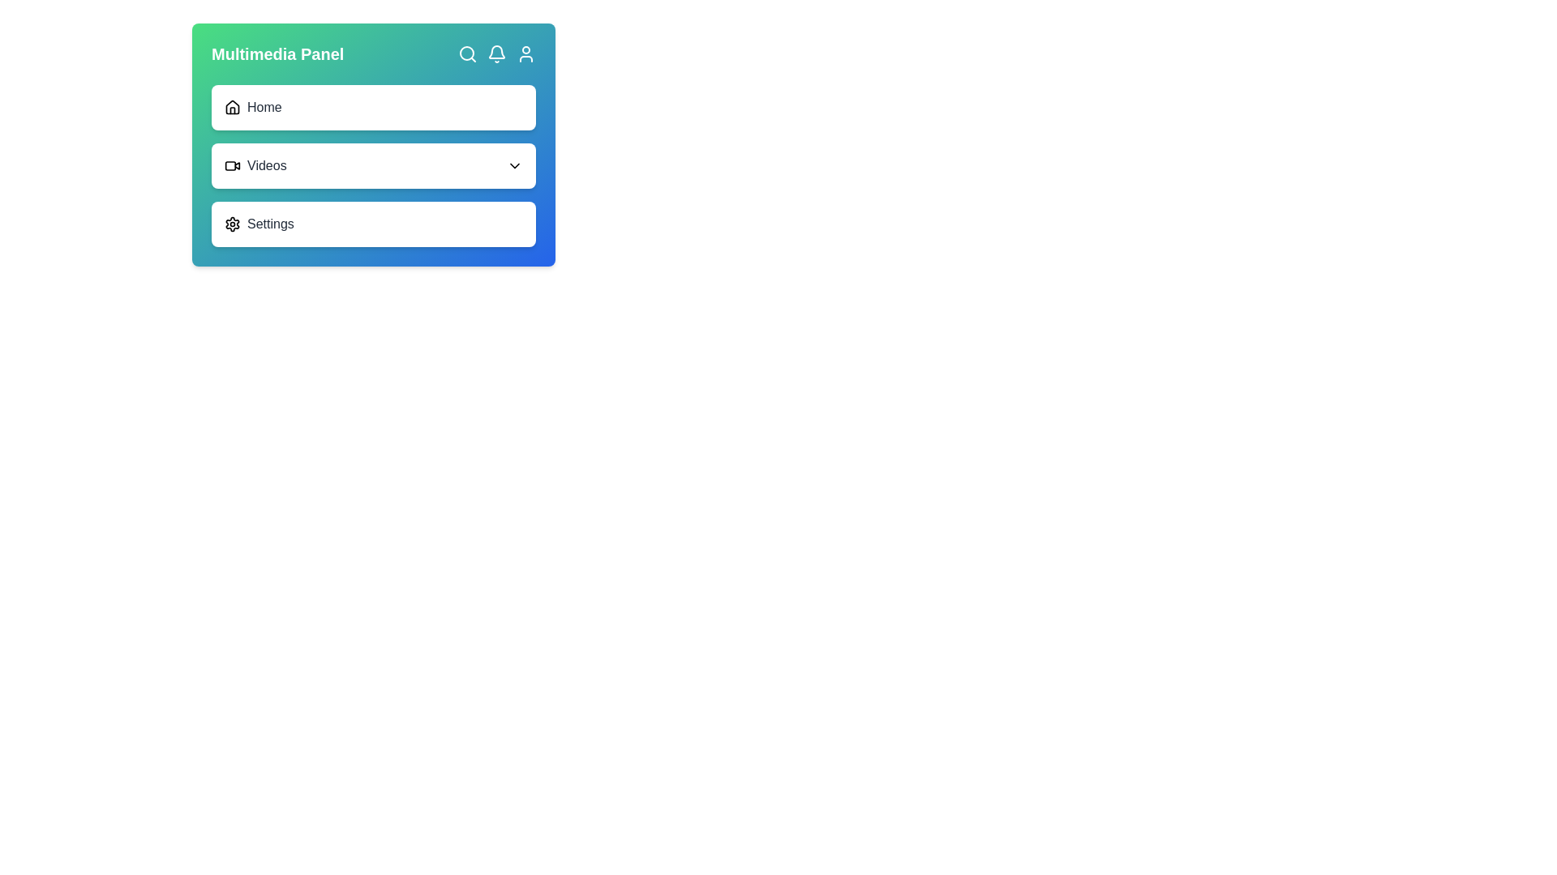 The image size is (1557, 875). What do you see at coordinates (372, 224) in the screenshot?
I see `the settings button located as the third item in a vertical list of three buttons, below the 'Videos' button` at bounding box center [372, 224].